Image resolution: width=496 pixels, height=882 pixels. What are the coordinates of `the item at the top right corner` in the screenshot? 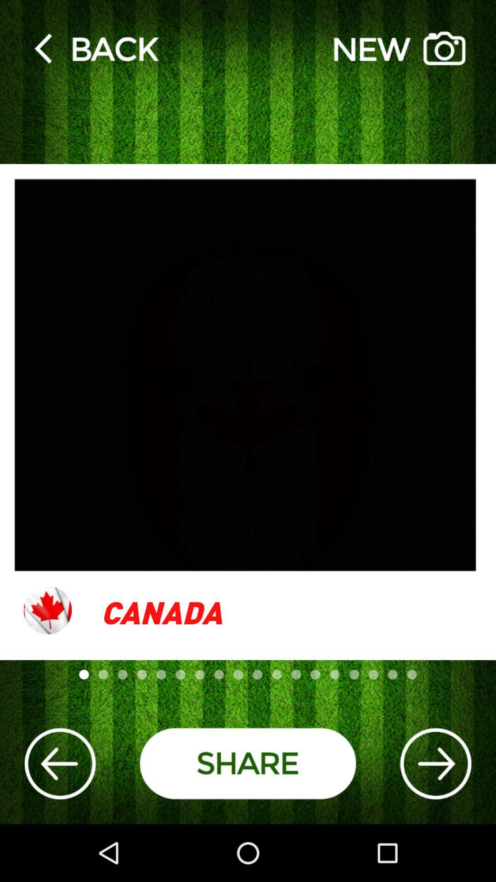 It's located at (399, 48).